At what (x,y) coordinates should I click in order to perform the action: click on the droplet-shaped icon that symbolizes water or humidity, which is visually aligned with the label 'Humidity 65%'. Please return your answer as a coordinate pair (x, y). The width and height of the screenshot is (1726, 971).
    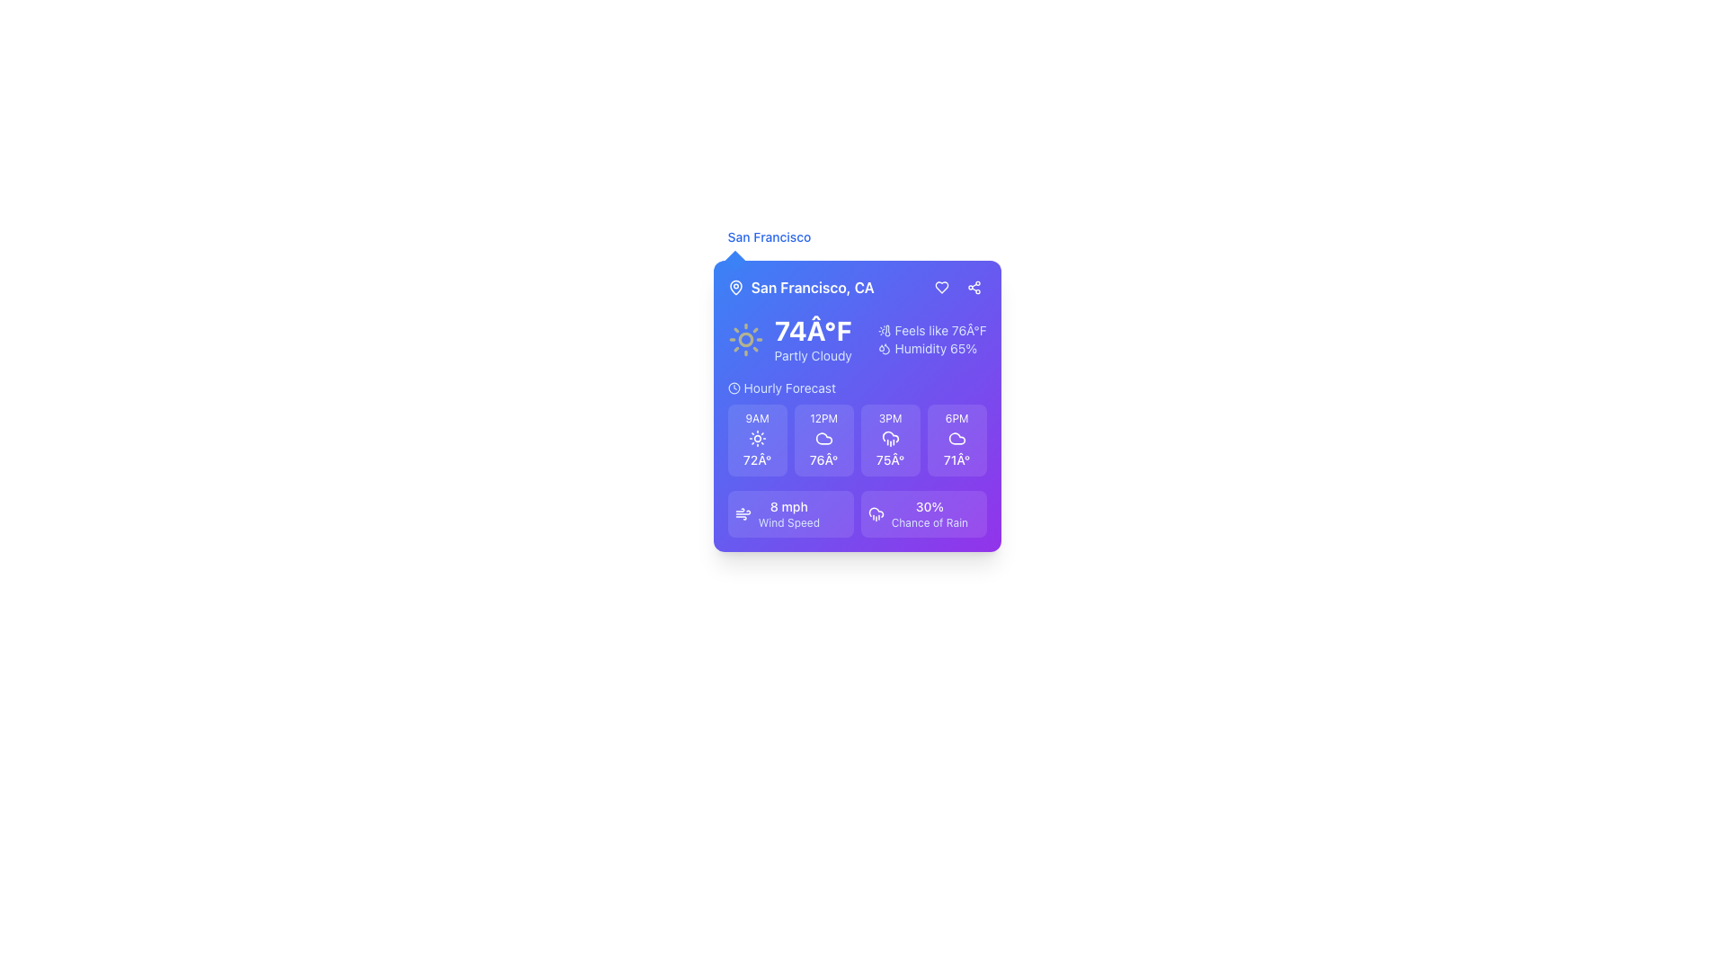
    Looking at the image, I should click on (885, 349).